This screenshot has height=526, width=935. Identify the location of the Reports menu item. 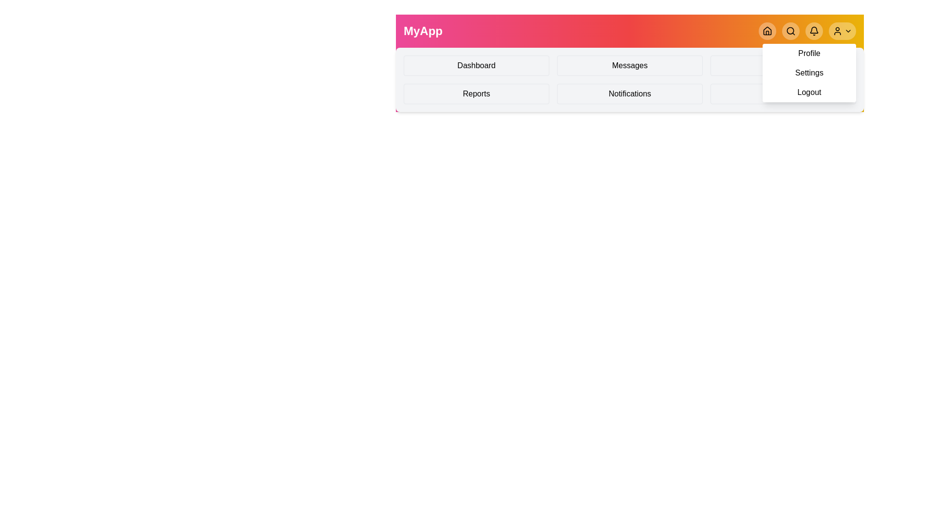
(476, 94).